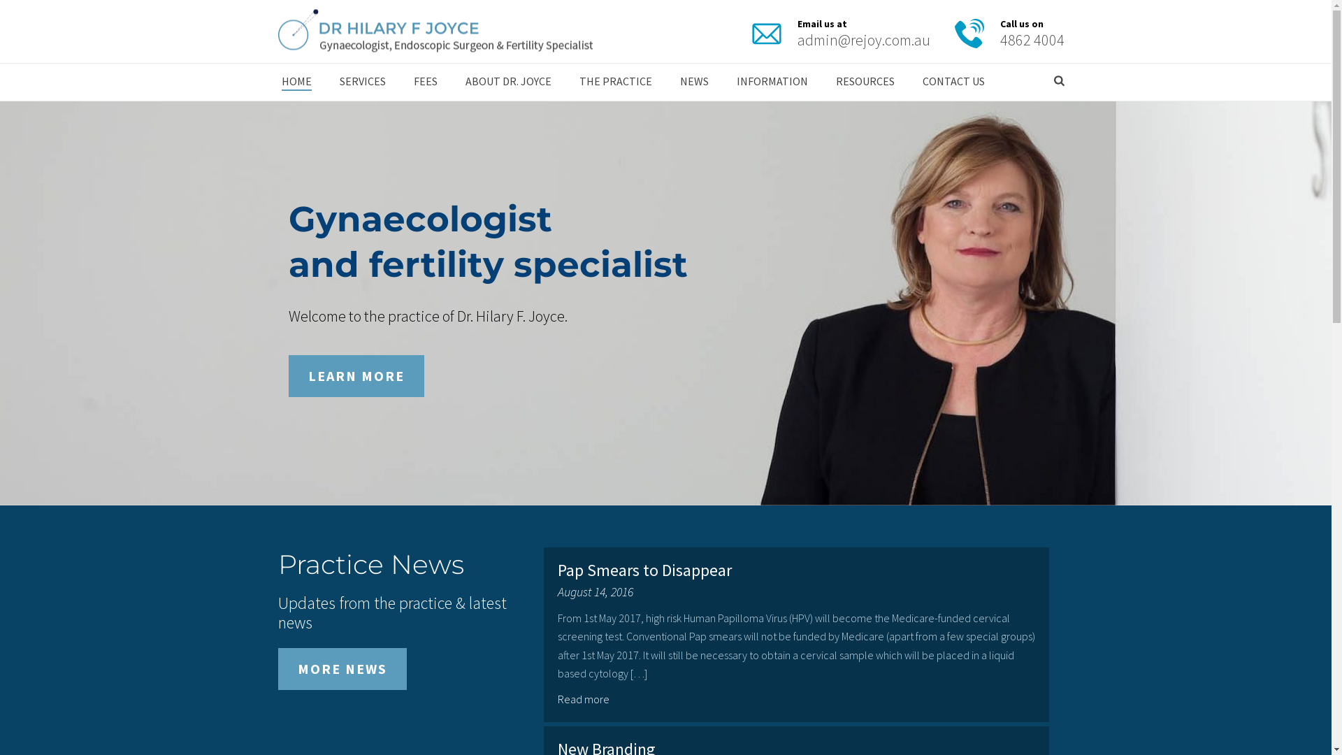 This screenshot has width=1342, height=755. I want to click on 'CONTACT US', so click(953, 82).